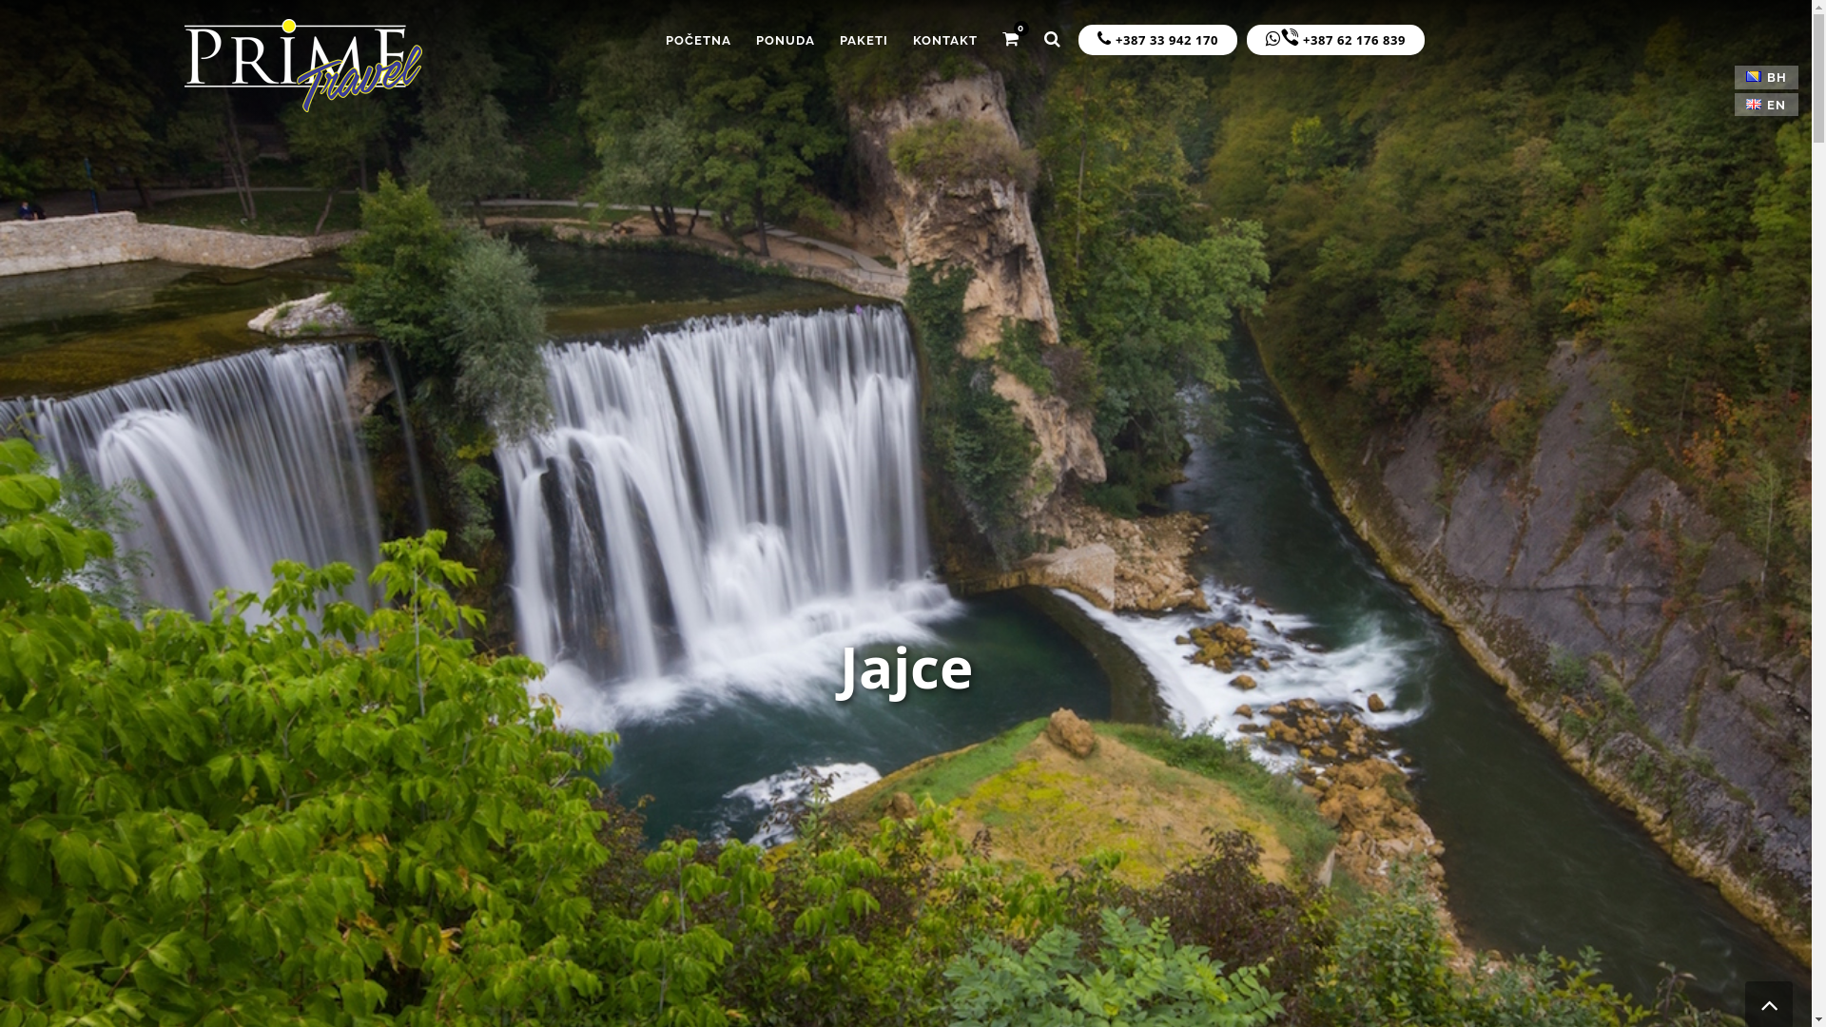 The height and width of the screenshot is (1027, 1826). Describe the element at coordinates (863, 40) in the screenshot. I see `'PAKETI'` at that location.